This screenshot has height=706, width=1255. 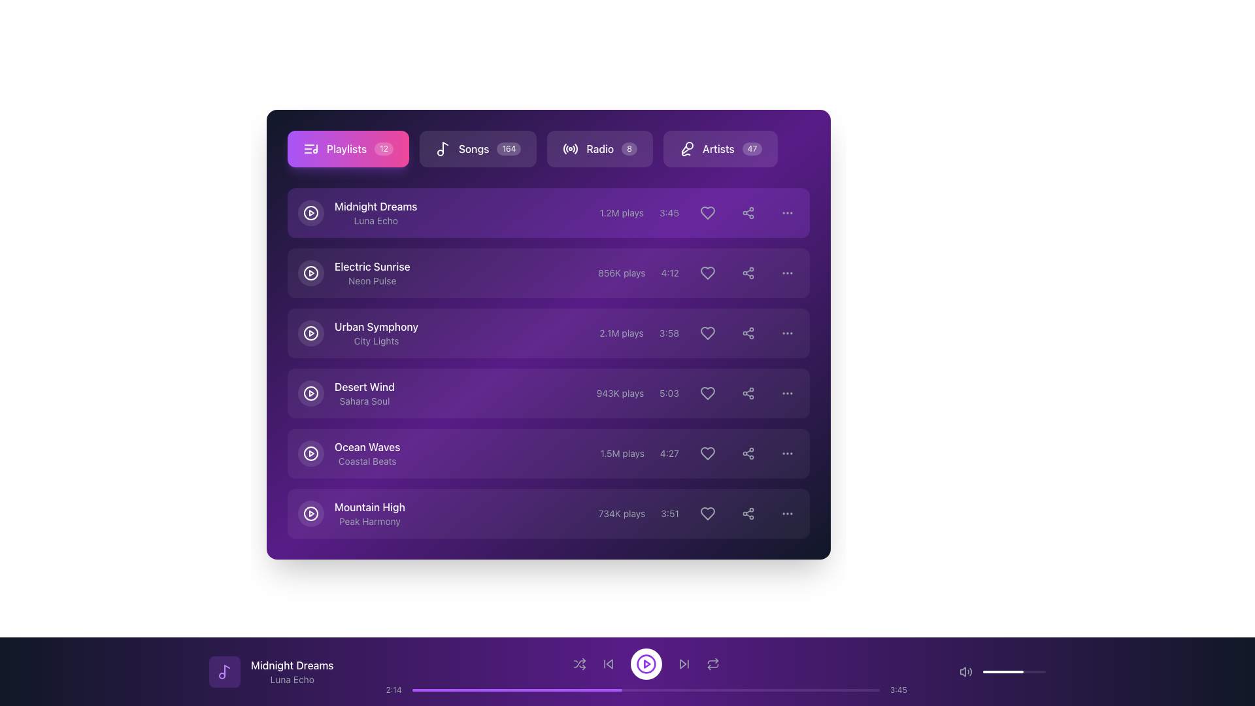 I want to click on the circular button with a three-node share symbol in the 'Electric Sunrise' media item row for keyboard navigation, so click(x=748, y=272).